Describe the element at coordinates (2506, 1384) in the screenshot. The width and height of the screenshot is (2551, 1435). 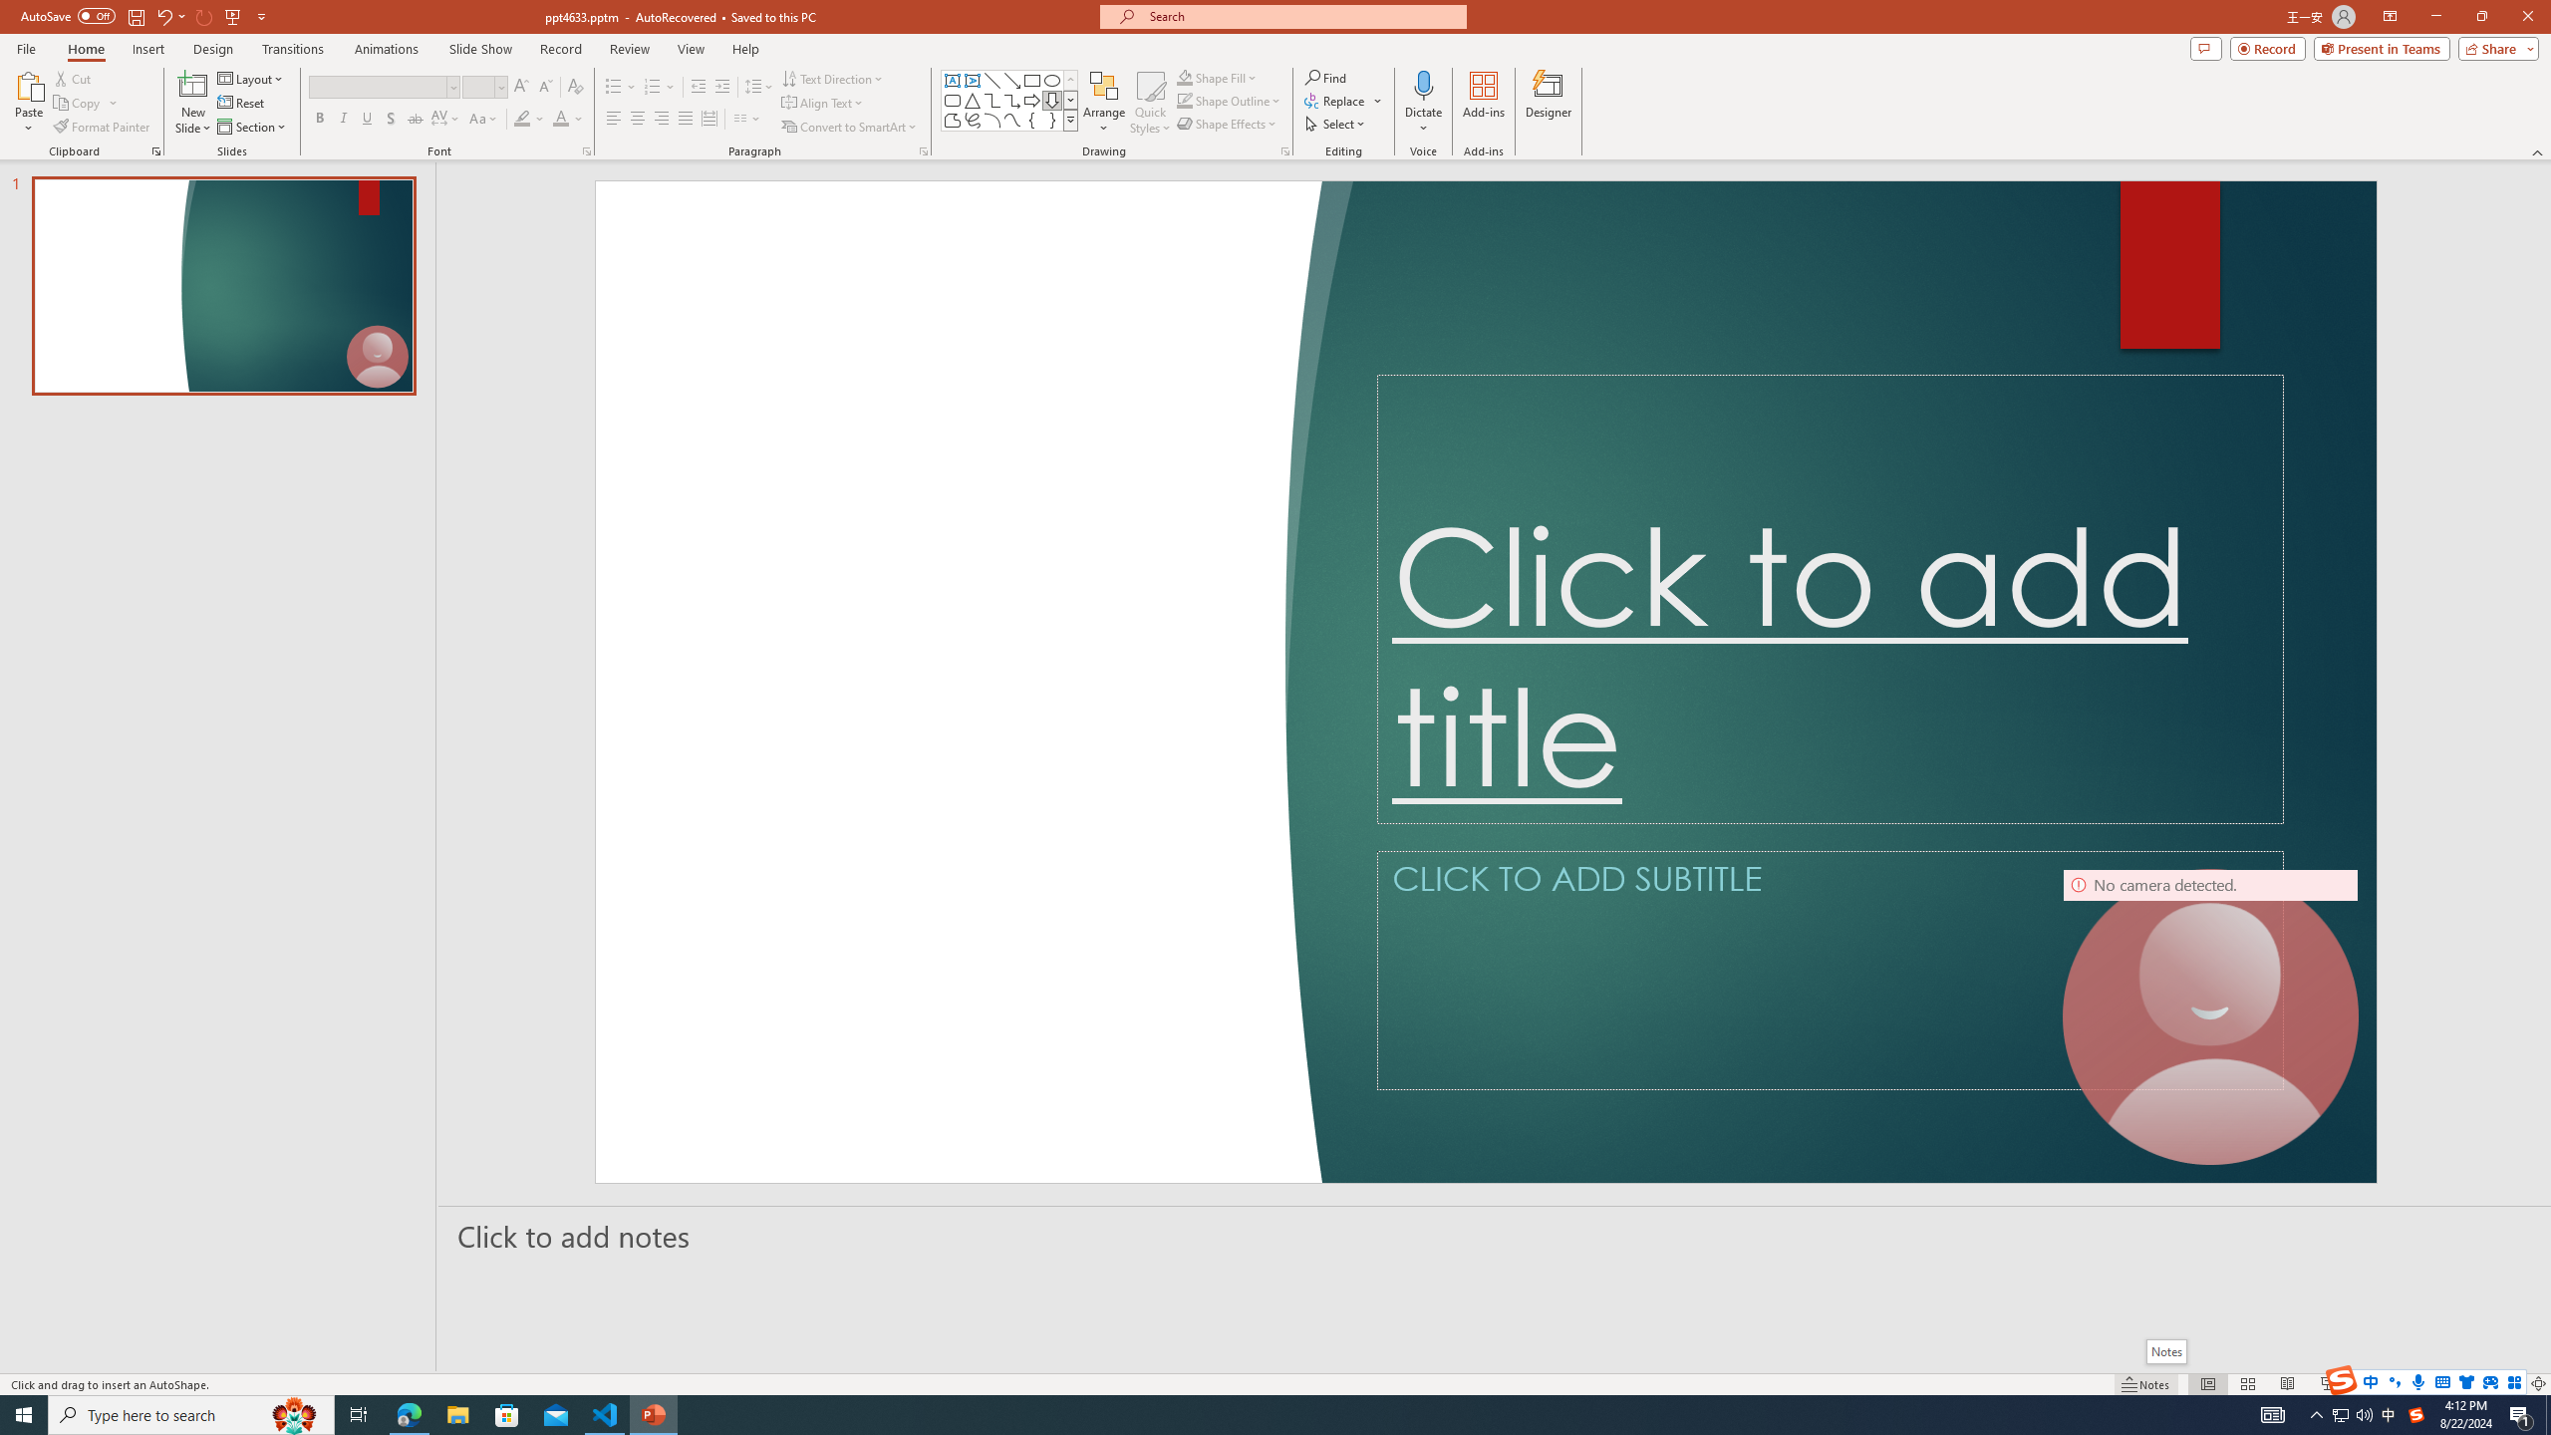
I see `'Zoom 140%'` at that location.